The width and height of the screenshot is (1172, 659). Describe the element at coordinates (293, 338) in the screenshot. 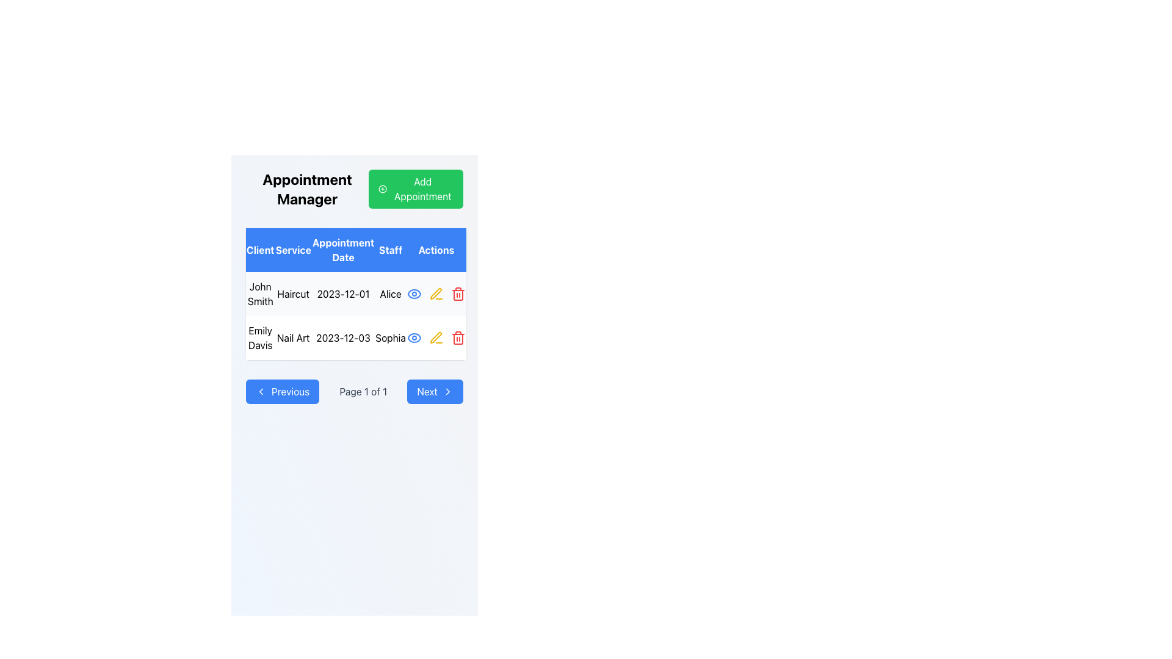

I see `the 'Nail Art' text label in the 'Service' column of the data table, which is aligned with 'Emily Davis' on its left and '2023-12-03' on its right` at that location.